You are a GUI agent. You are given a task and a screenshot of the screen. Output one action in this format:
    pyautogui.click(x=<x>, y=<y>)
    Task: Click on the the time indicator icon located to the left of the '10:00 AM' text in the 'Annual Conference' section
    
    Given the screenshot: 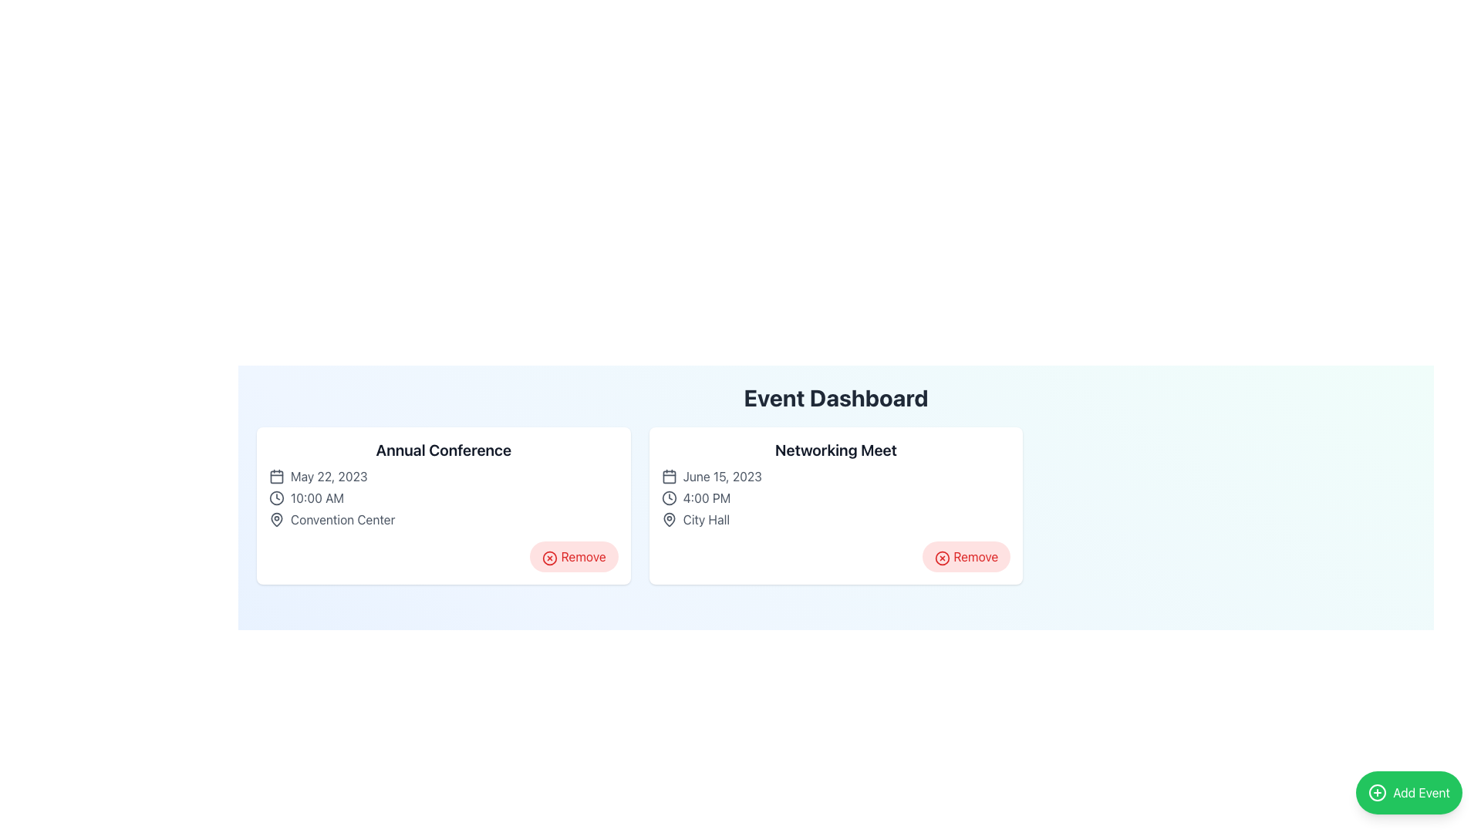 What is the action you would take?
    pyautogui.click(x=277, y=497)
    